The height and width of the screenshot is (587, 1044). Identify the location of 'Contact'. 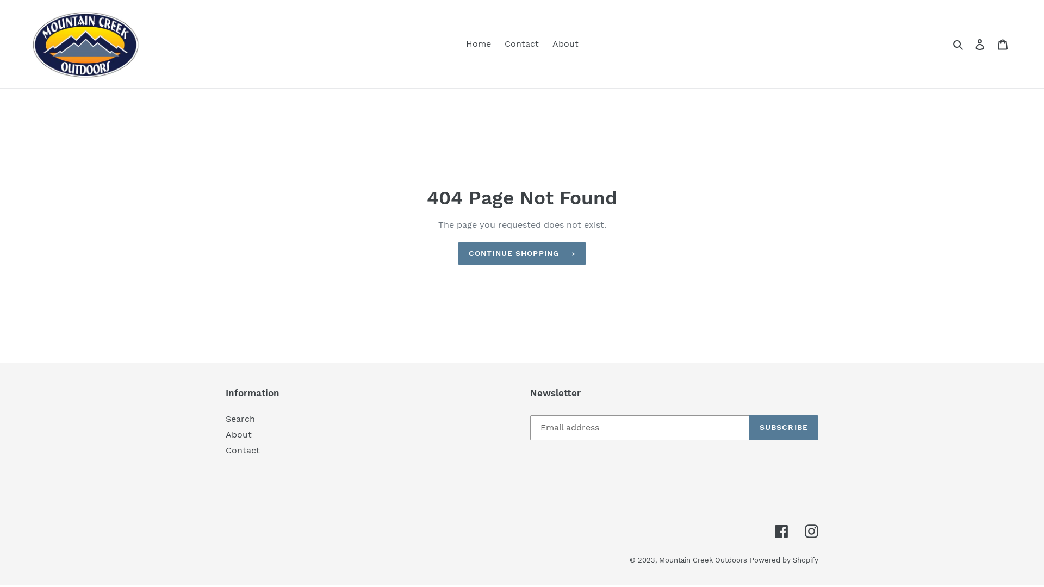
(521, 43).